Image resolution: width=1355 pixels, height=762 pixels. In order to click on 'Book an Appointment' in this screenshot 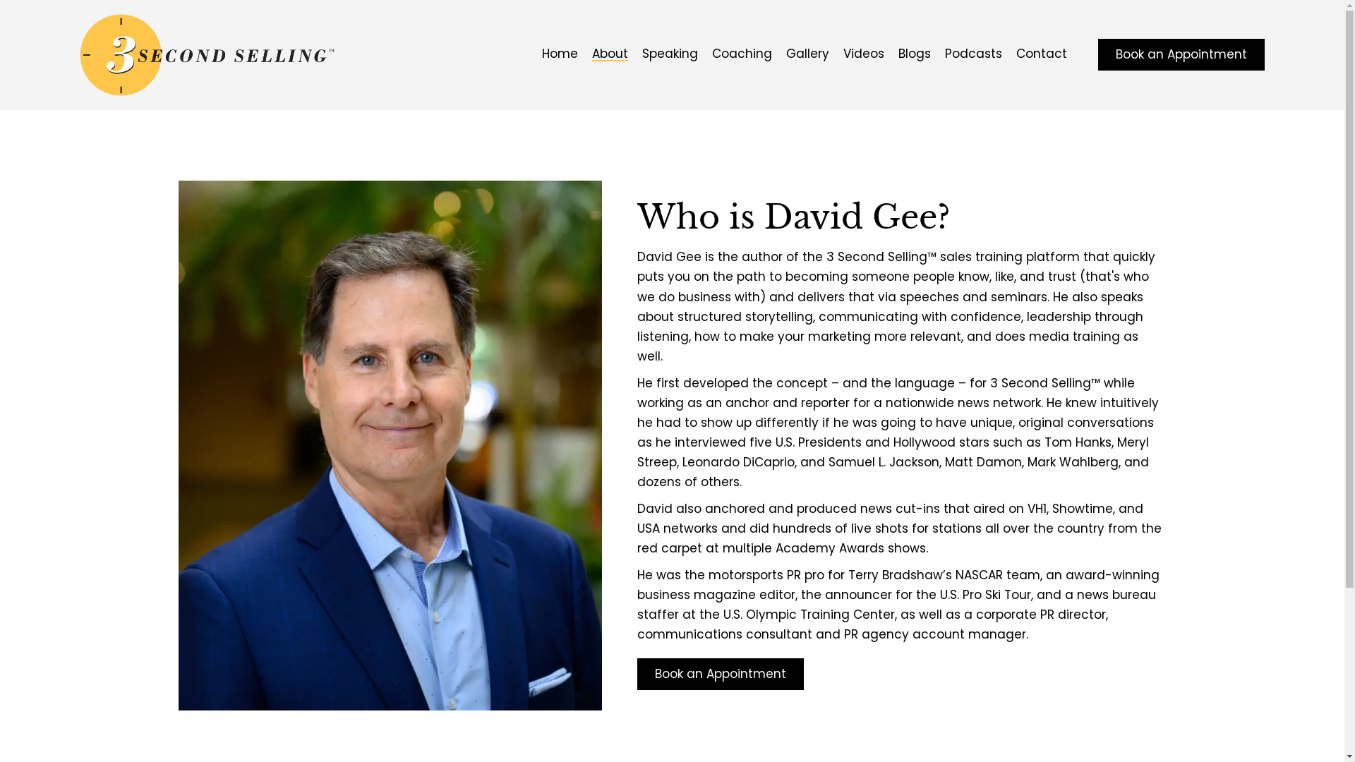, I will do `click(721, 673)`.